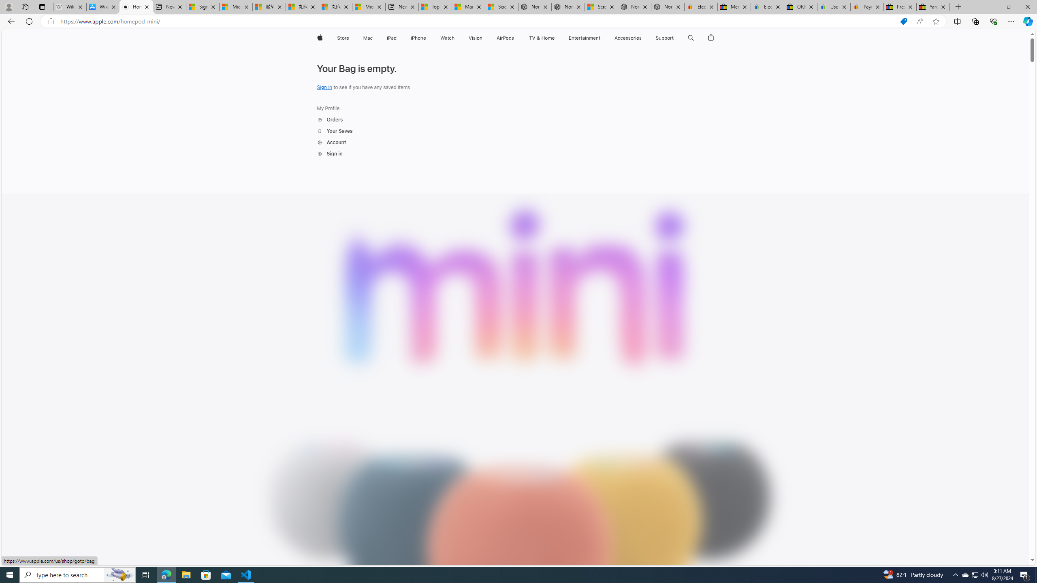 The height and width of the screenshot is (583, 1037). Describe the element at coordinates (541, 38) in the screenshot. I see `'TV and Home'` at that location.